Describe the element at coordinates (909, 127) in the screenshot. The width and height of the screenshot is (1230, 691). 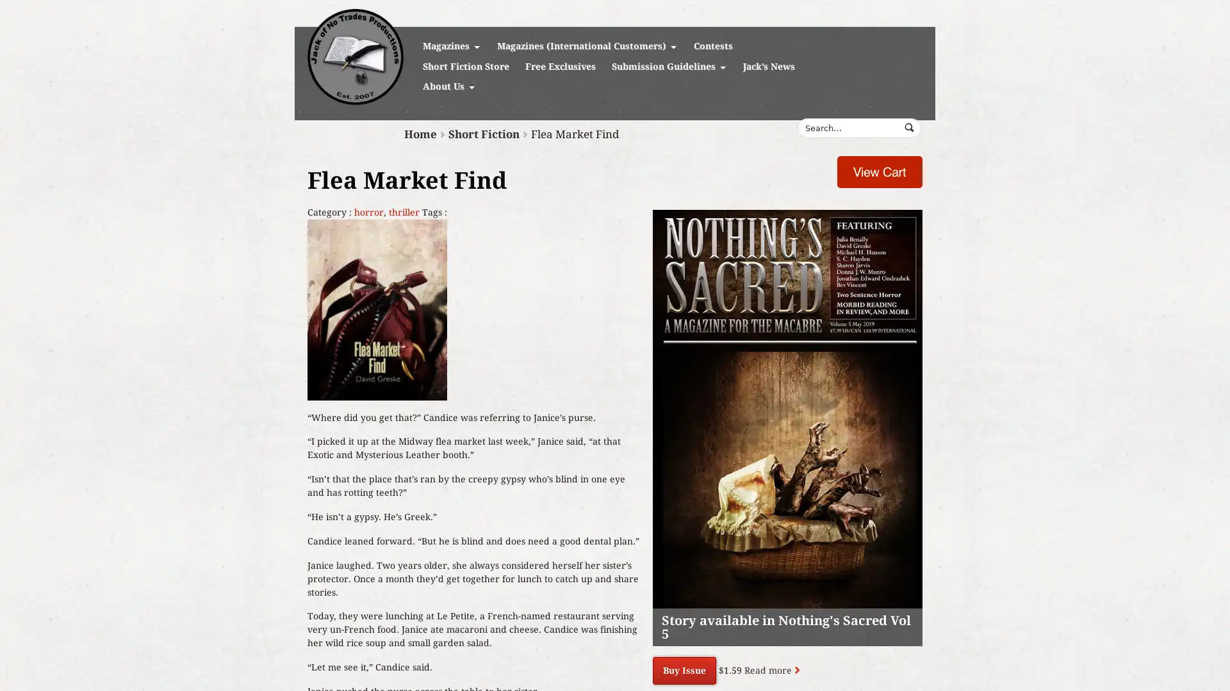
I see `Submit` at that location.